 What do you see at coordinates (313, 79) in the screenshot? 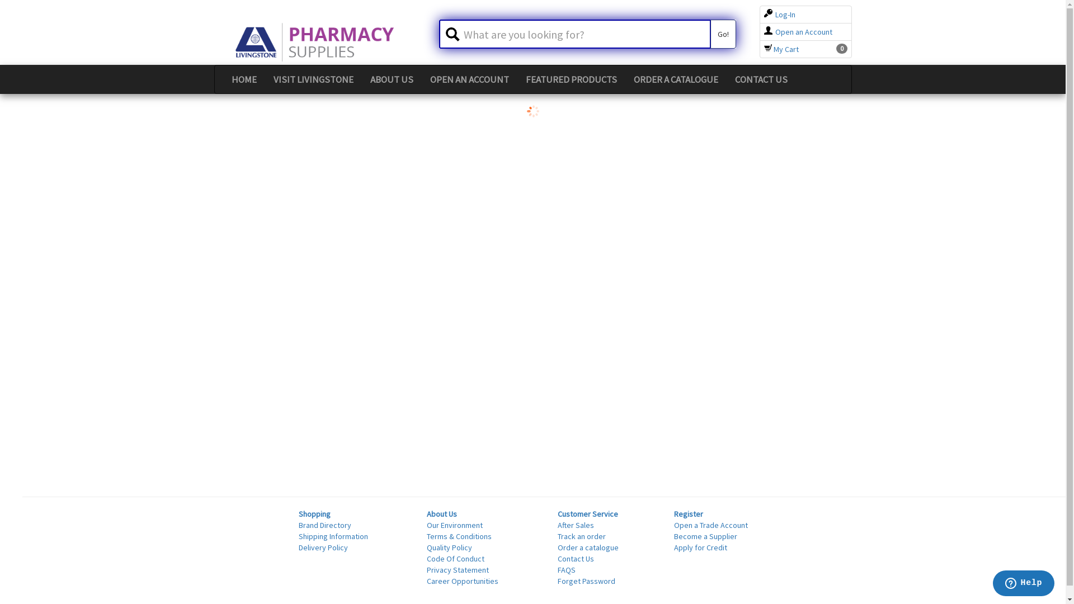
I see `'VISIT LIVINGSTONE'` at bounding box center [313, 79].